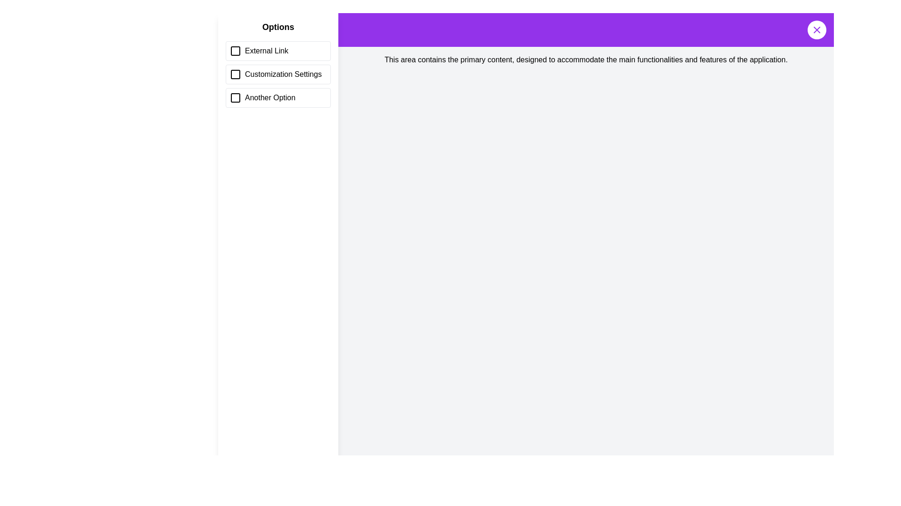 Image resolution: width=901 pixels, height=506 pixels. I want to click on the 'Customization Settings' option in the sidebar, so click(278, 64).